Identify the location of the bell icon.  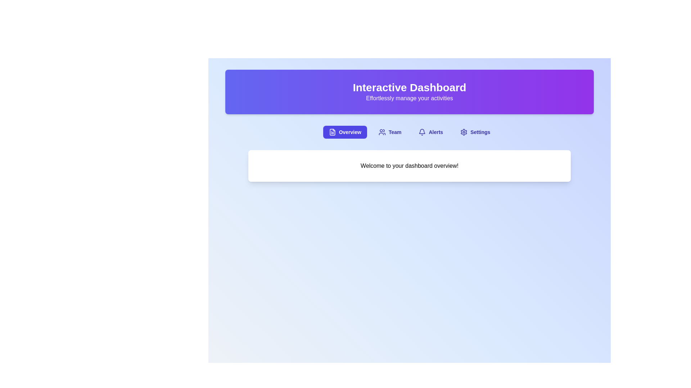
(422, 132).